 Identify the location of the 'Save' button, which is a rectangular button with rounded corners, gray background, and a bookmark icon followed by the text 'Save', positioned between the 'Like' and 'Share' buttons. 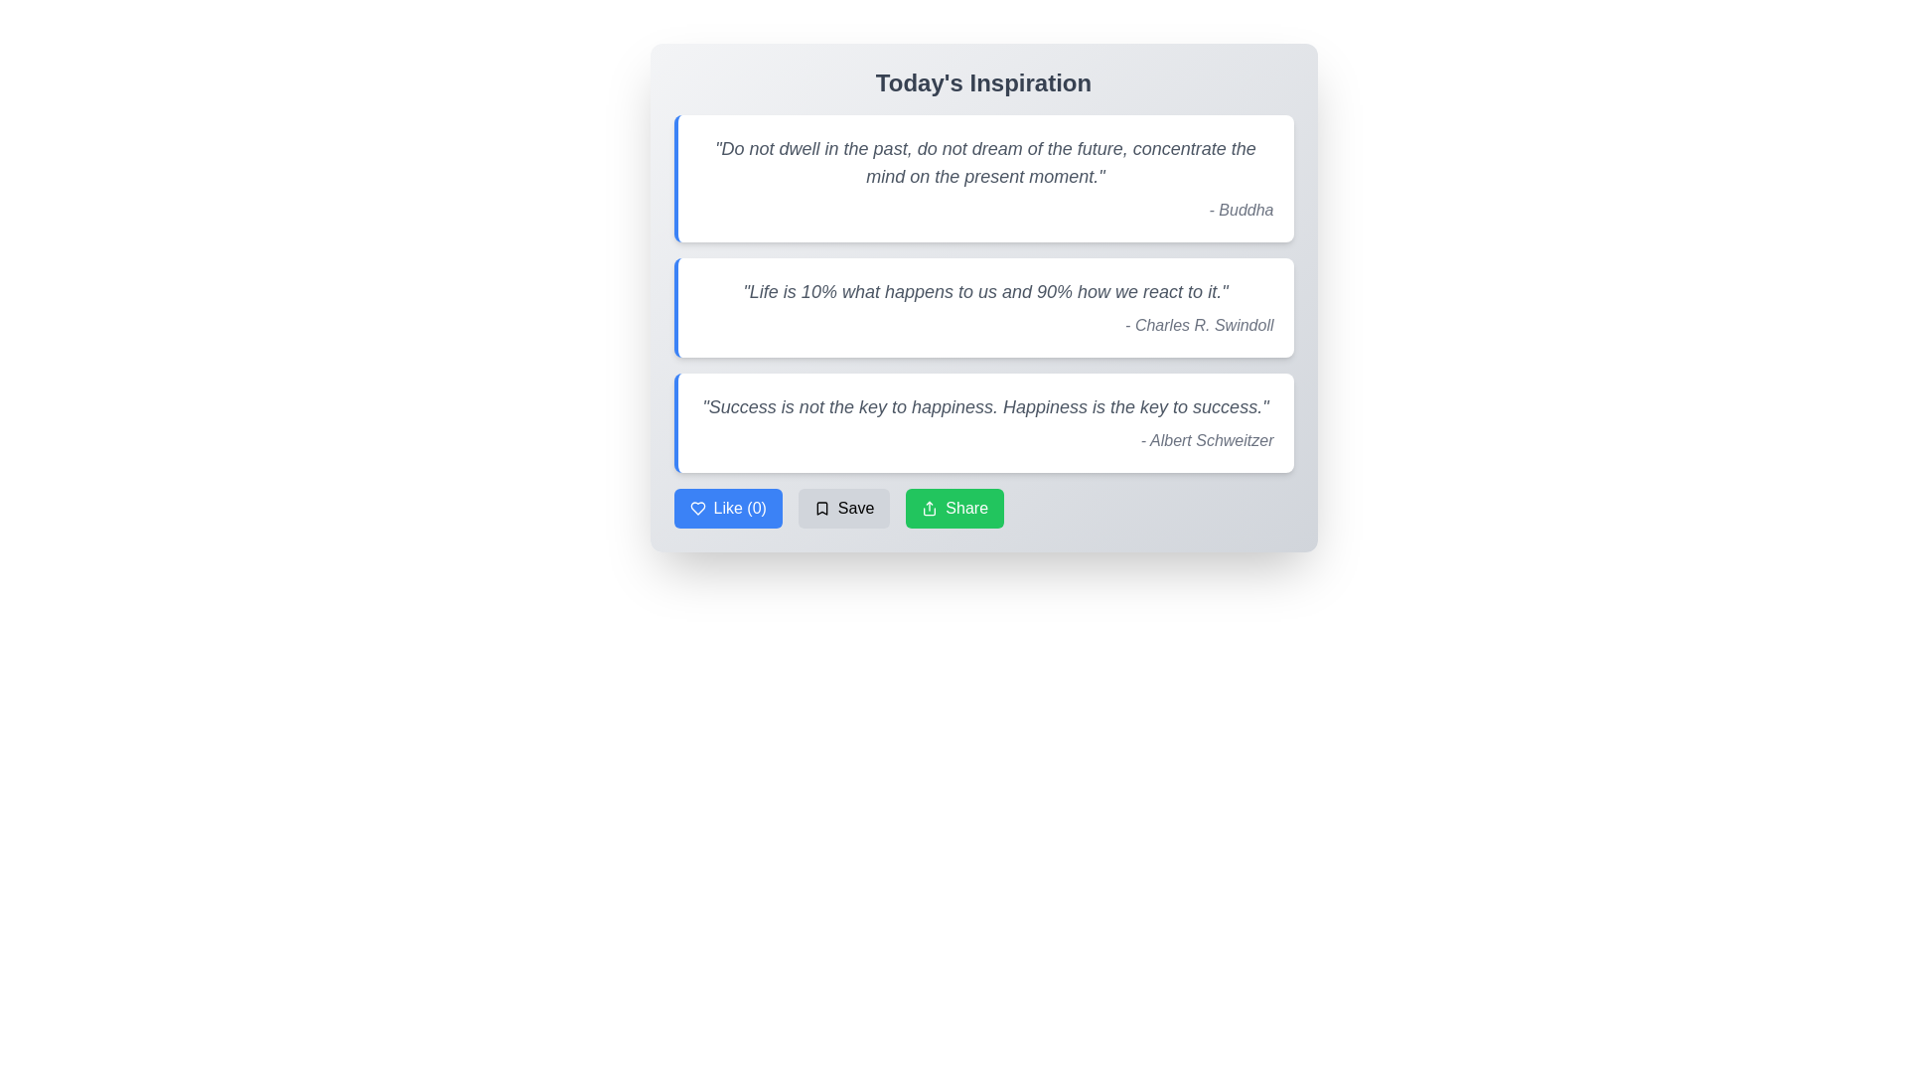
(844, 508).